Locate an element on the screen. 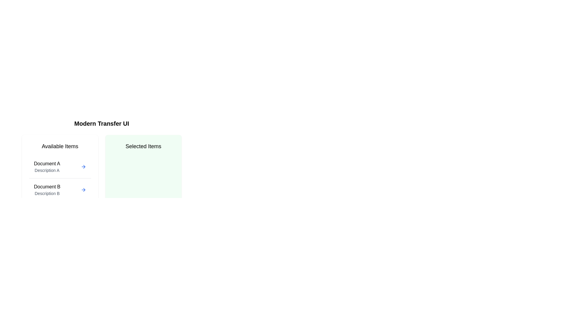 The width and height of the screenshot is (577, 324). text displayed in the centered title label 'Modern Transfer UI' located at the top of the main content area is located at coordinates (102, 123).